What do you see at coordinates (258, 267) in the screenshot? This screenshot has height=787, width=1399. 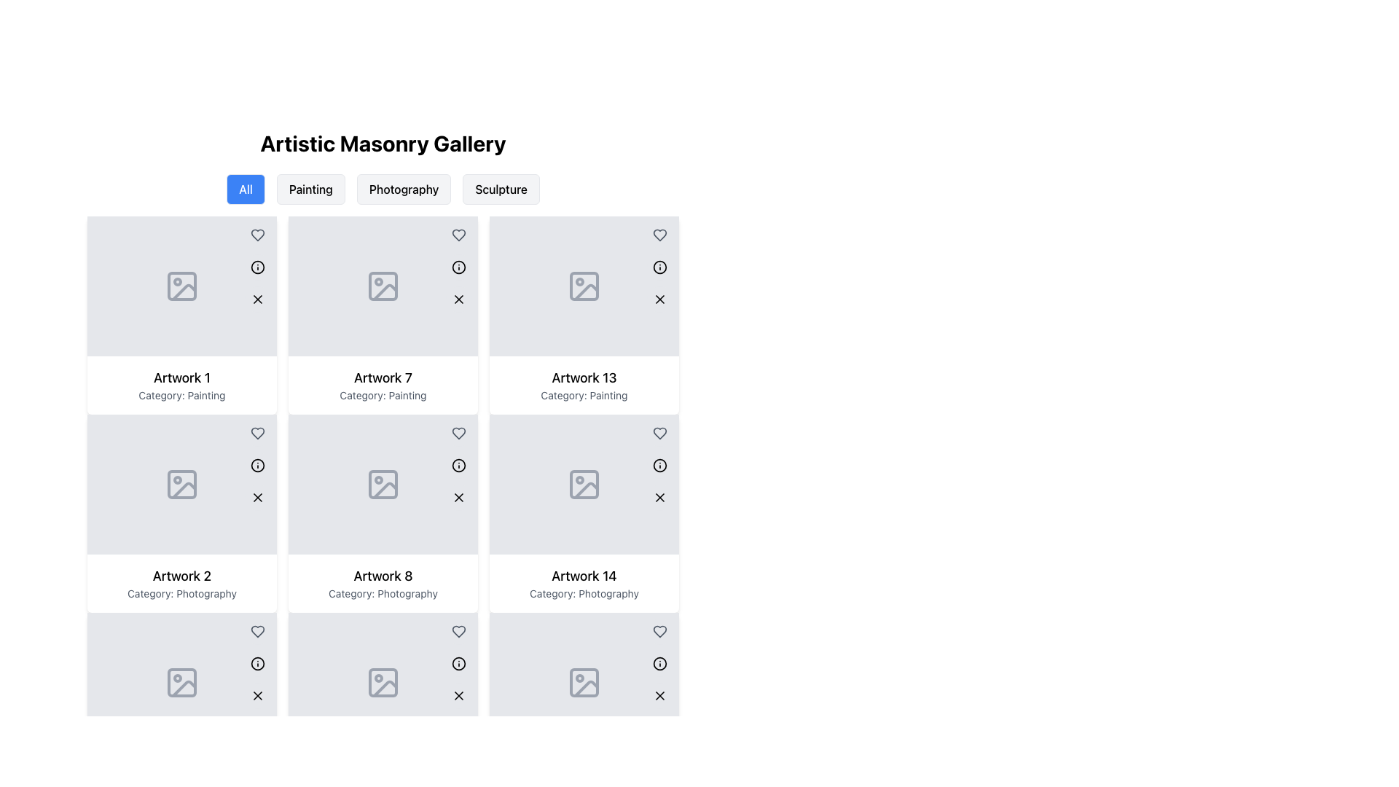 I see `the middle circular icon containing an 'i' symbol at the top right corner of the 'Artwork 1' card` at bounding box center [258, 267].